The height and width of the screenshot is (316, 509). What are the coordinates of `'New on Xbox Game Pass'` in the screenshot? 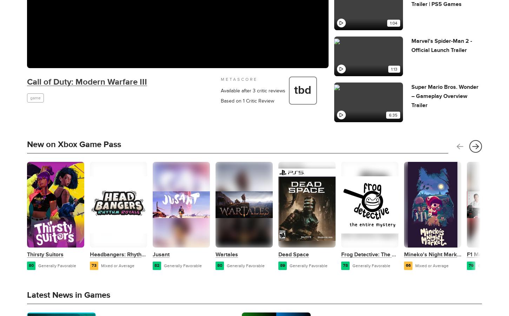 It's located at (73, 144).